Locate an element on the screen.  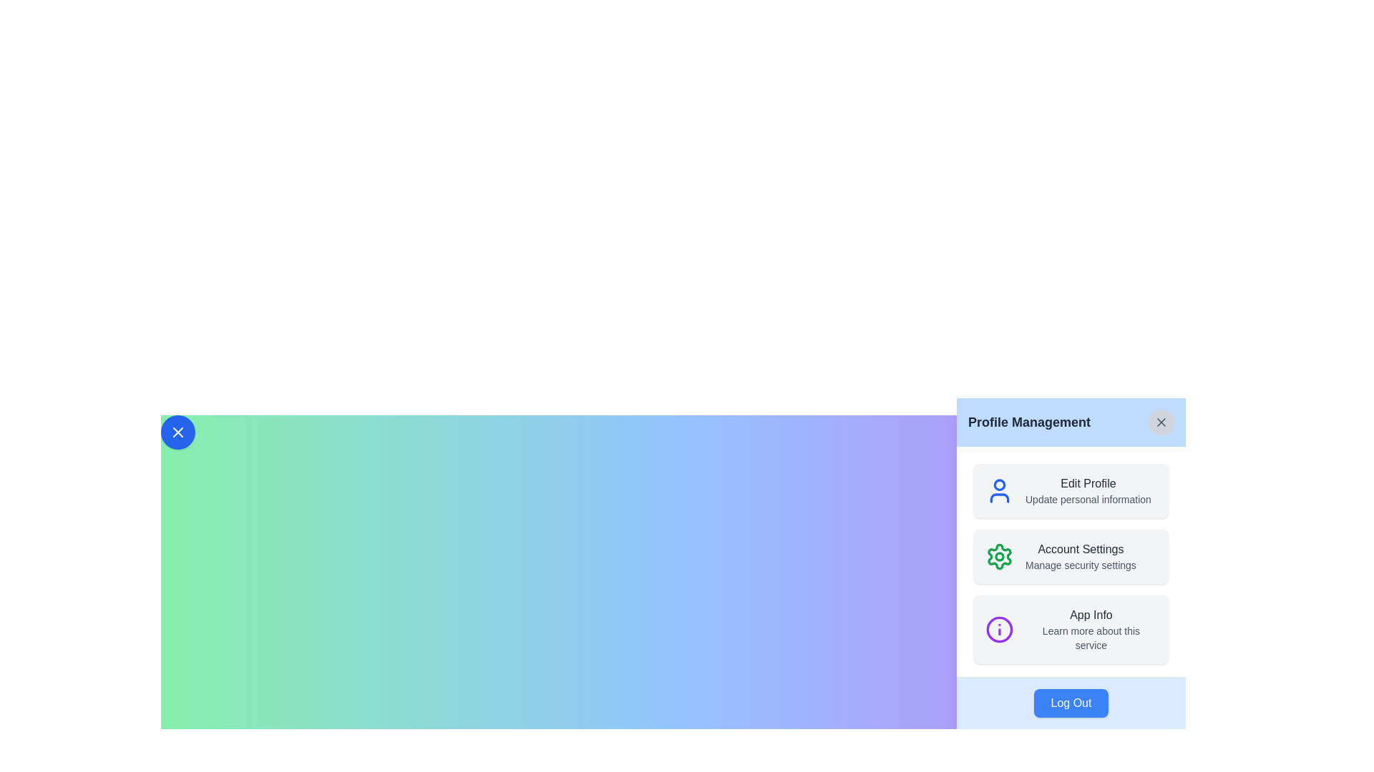
the close button located at the top-left corner of the gradient background header is located at coordinates (177, 432).